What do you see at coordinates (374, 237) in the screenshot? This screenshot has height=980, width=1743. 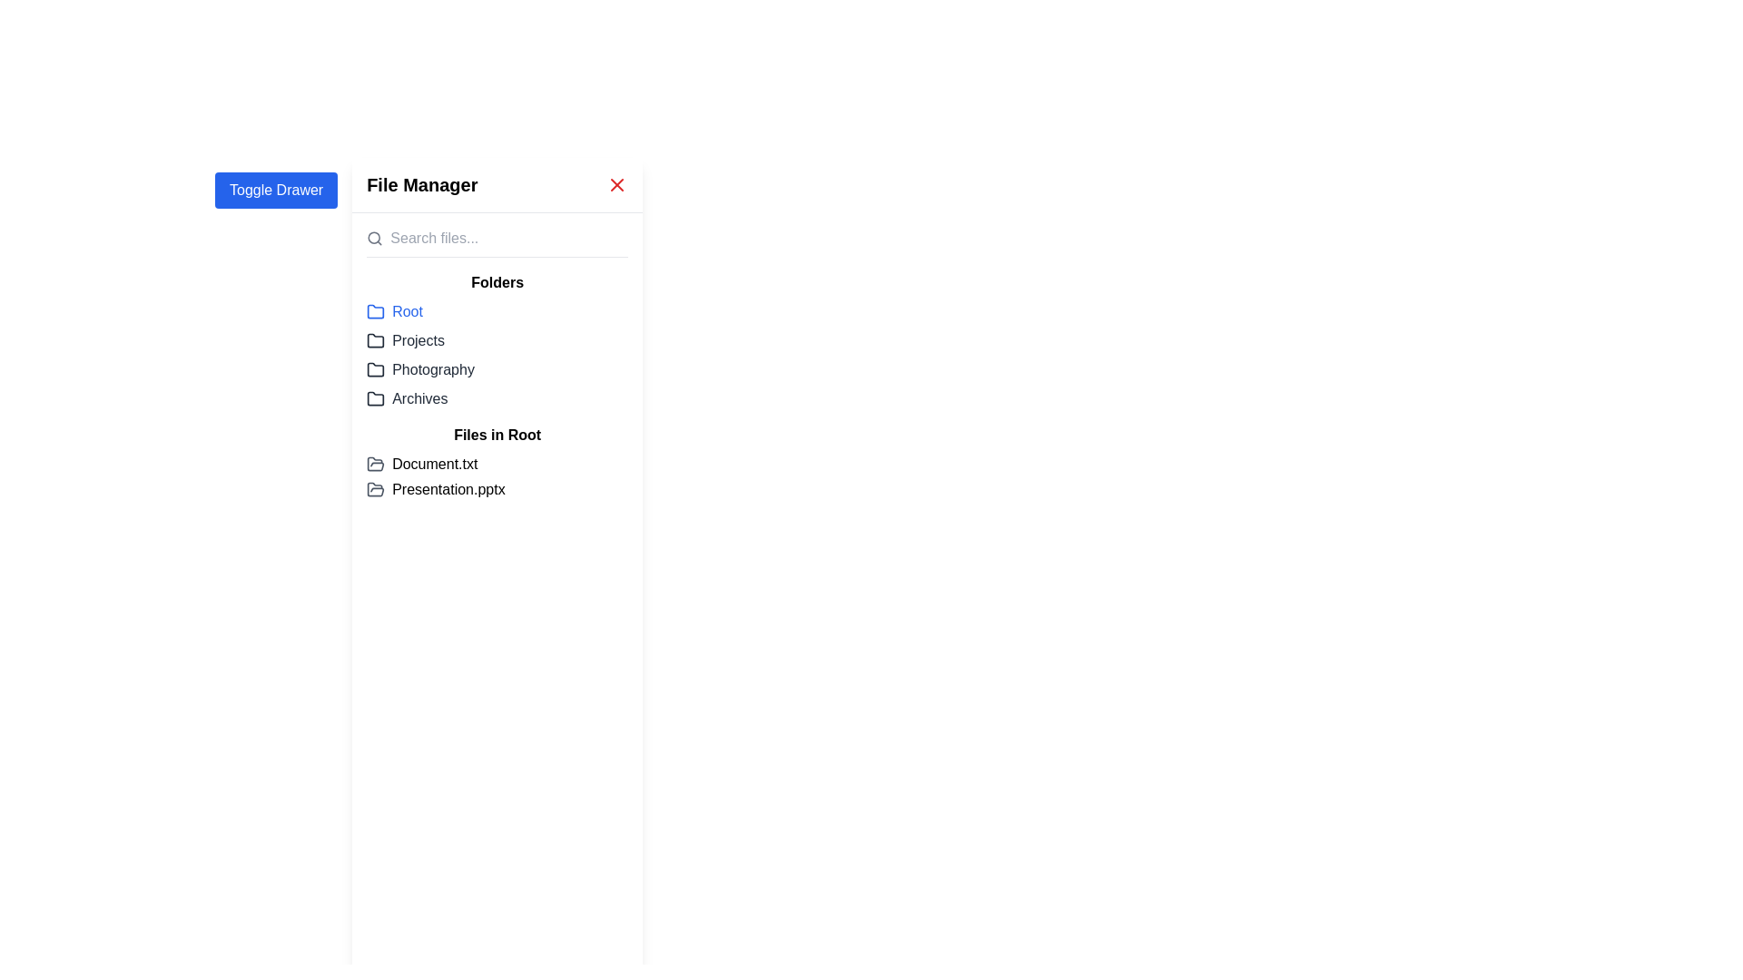 I see `the search icon located to the left of the 'Search files...' input field in the top section of the File Manager pane` at bounding box center [374, 237].